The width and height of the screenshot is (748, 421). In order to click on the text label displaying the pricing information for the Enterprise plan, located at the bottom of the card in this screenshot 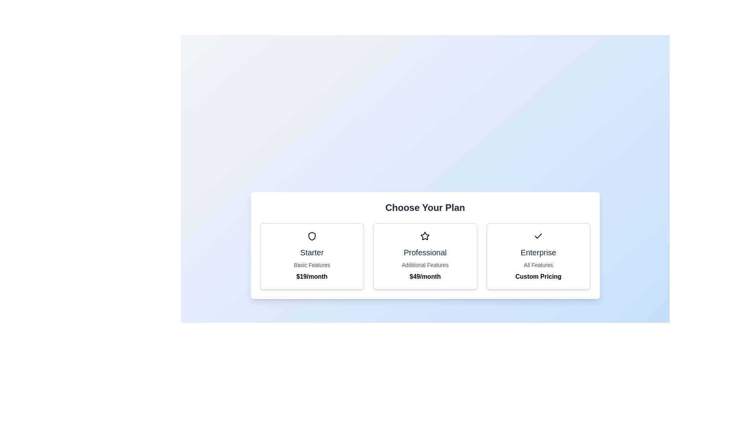, I will do `click(538, 276)`.